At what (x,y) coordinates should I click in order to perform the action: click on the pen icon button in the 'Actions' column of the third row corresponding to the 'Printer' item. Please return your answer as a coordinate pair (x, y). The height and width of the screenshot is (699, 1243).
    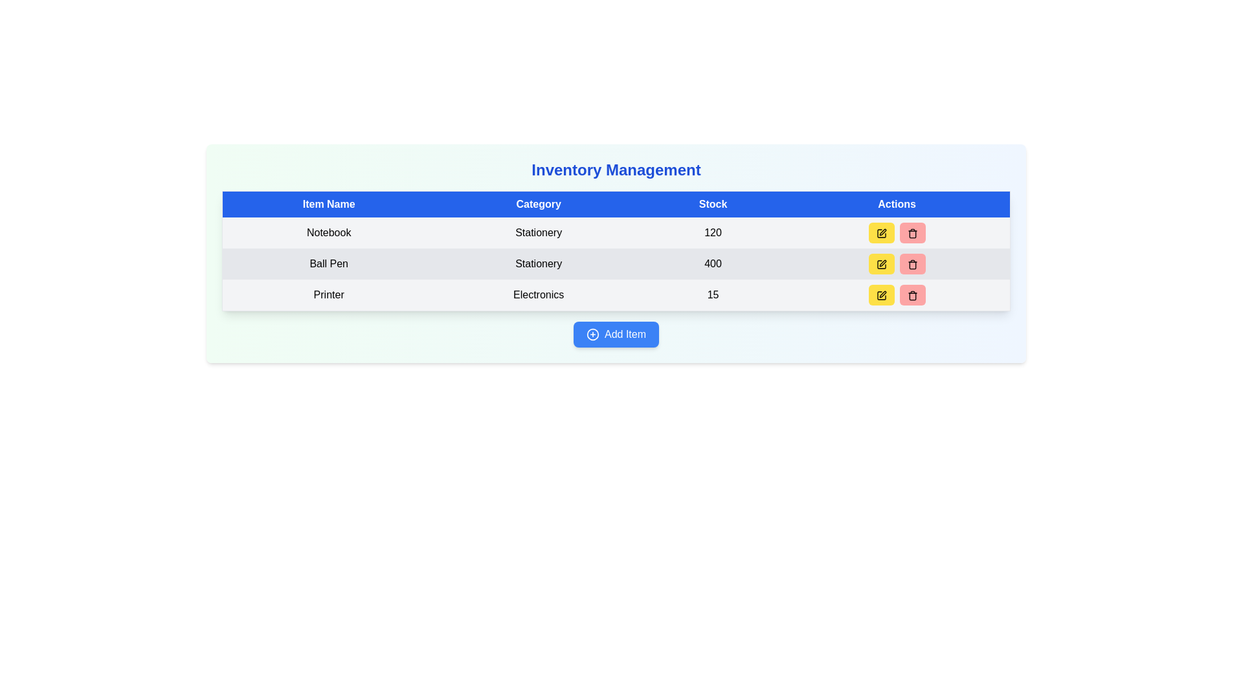
    Looking at the image, I should click on (880, 295).